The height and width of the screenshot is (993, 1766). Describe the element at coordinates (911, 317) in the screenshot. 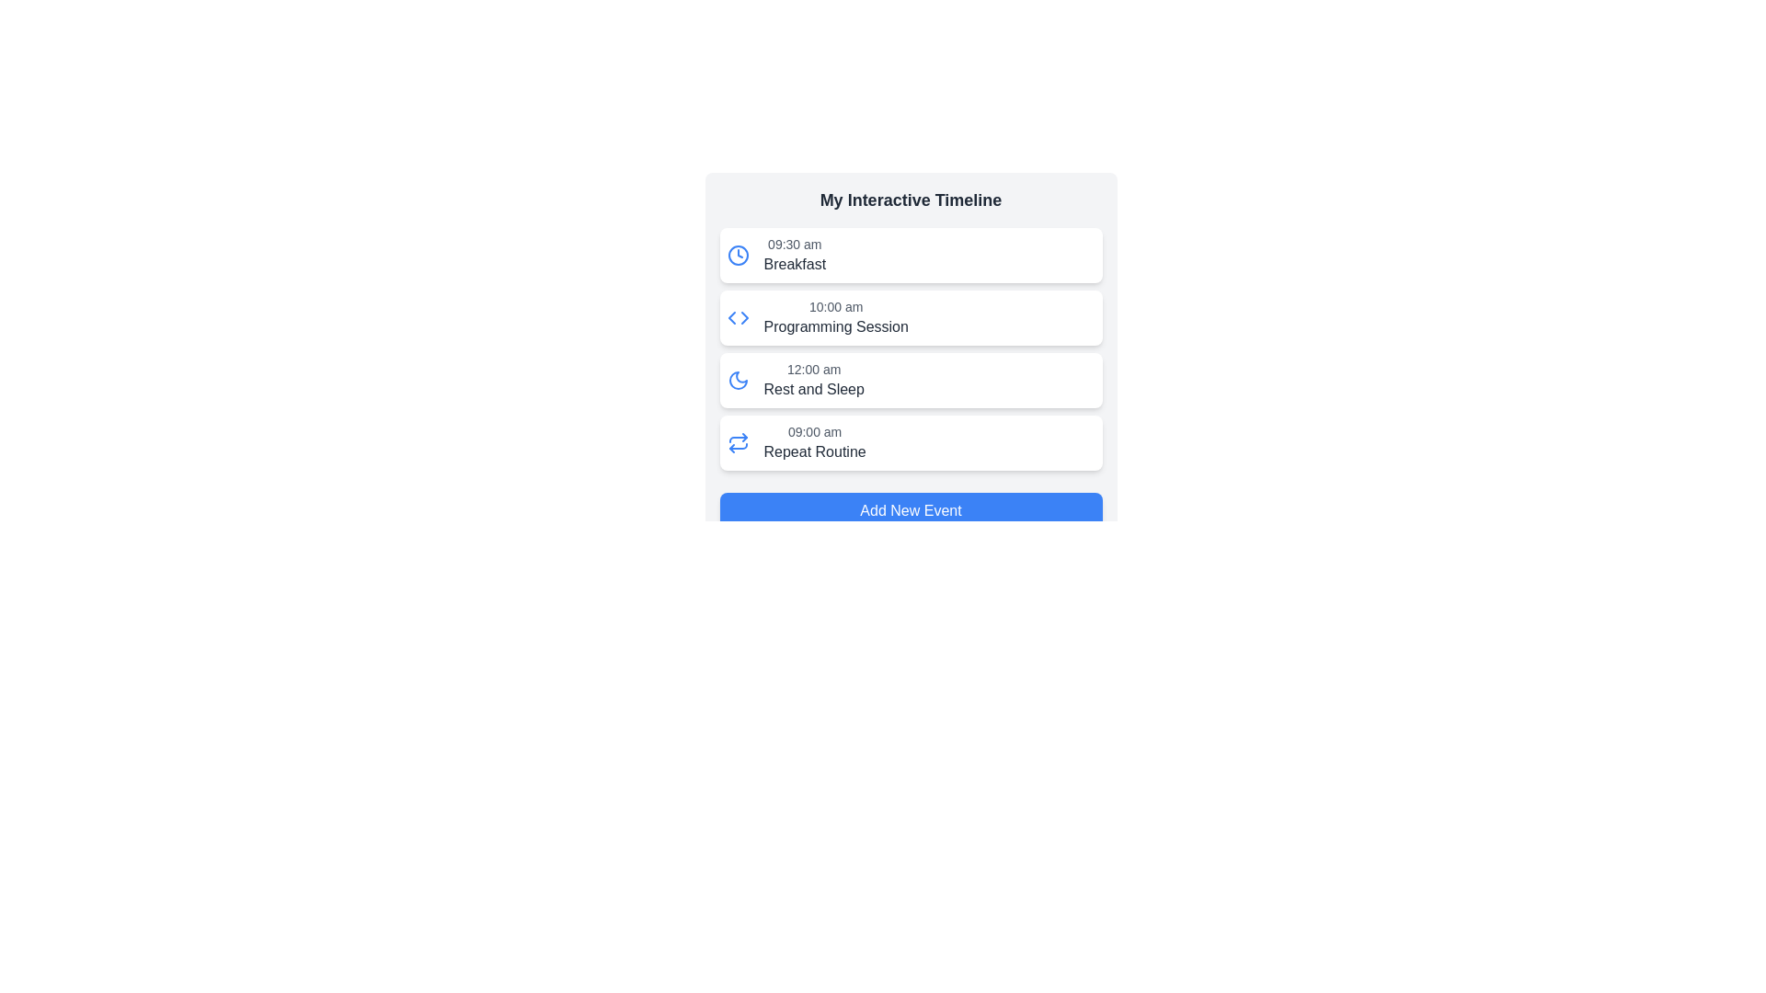

I see `the second list item entry displaying the scheduled event titled 'Programming Session' at '10:00 am' to interact with its linked functionality` at that location.